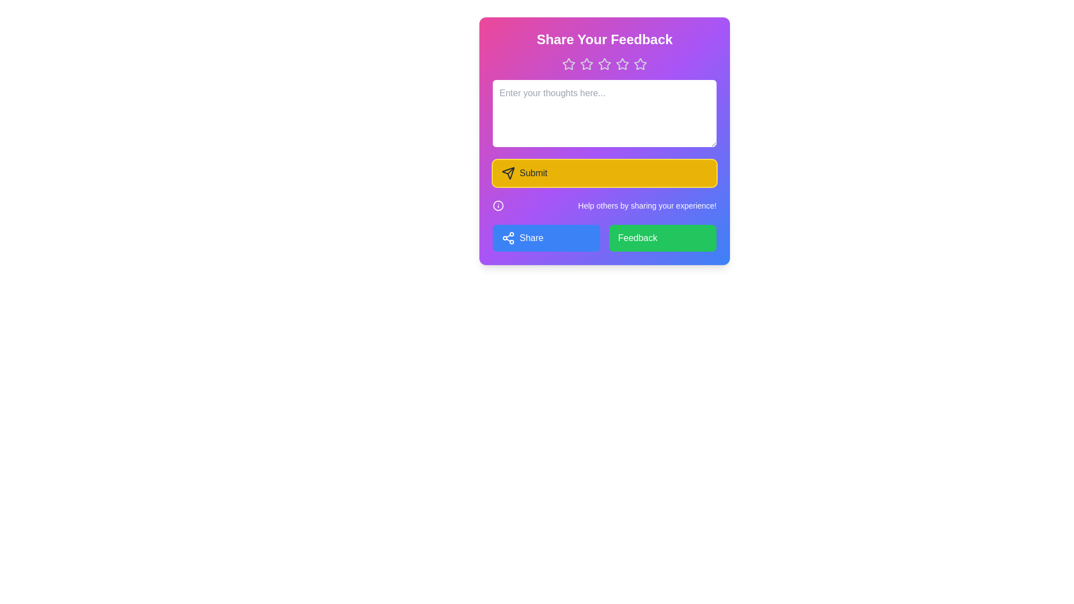 This screenshot has width=1074, height=604. I want to click on the paper plane icon located within the yellow 'Submit' button, so click(507, 173).